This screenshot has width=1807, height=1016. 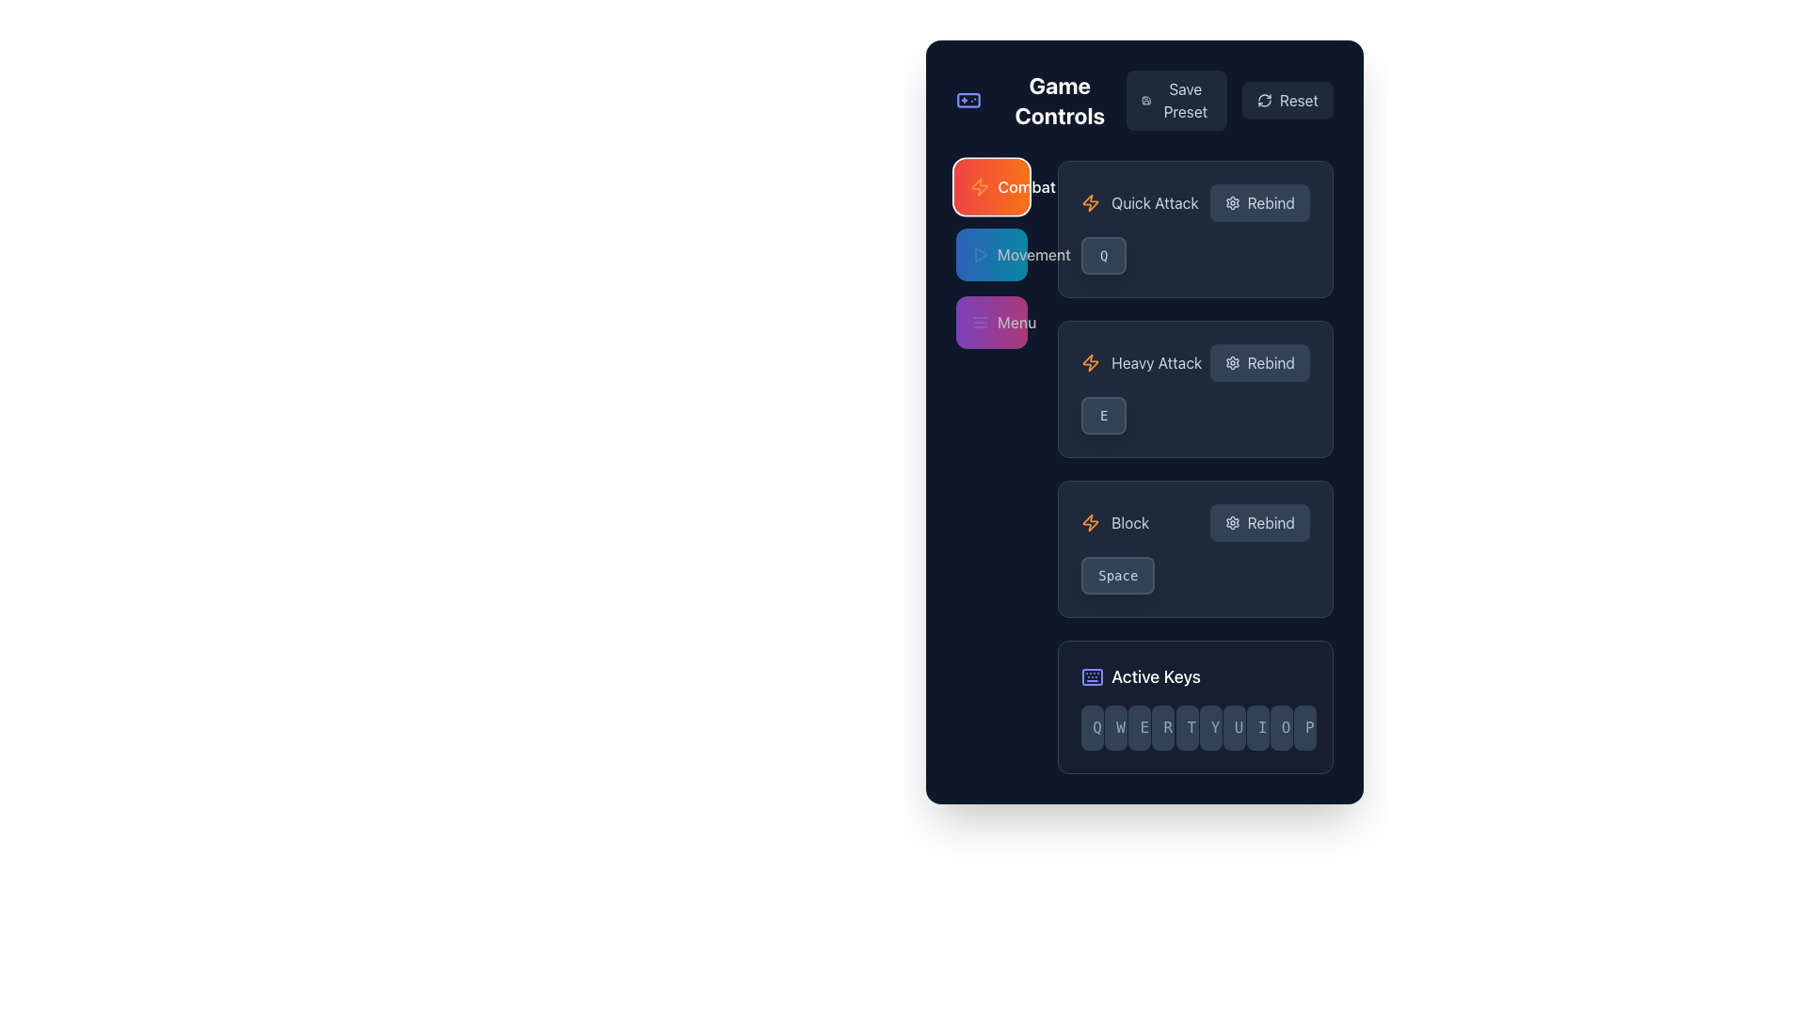 I want to click on the grouped interactive buttons for preset management, which includes 'Save Preset' and 'Reset' options, located, so click(x=1230, y=101).